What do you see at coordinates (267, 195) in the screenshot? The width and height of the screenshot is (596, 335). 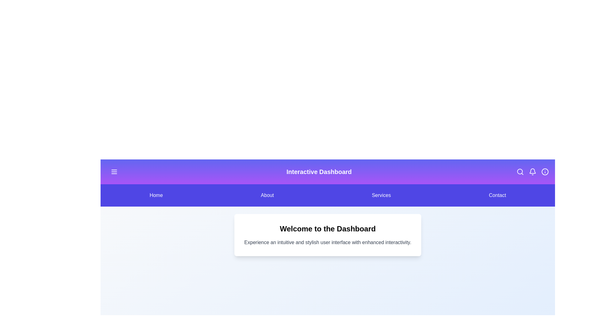 I see `the menu item About to navigate to the corresponding section` at bounding box center [267, 195].